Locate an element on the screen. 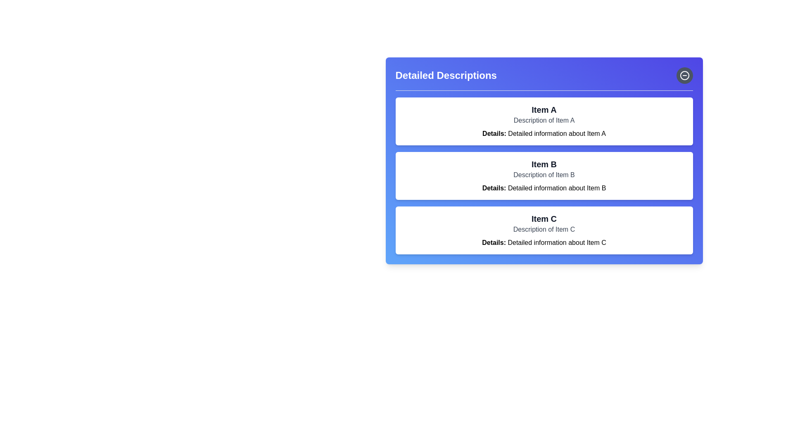  the text block element labeled 'Details:' which contains the description 'Detailed information about Item A.' is located at coordinates (544, 133).